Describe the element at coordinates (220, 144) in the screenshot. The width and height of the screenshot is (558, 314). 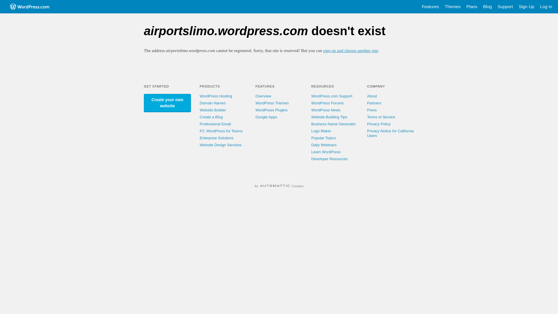
I see `'Website Design Services'` at that location.